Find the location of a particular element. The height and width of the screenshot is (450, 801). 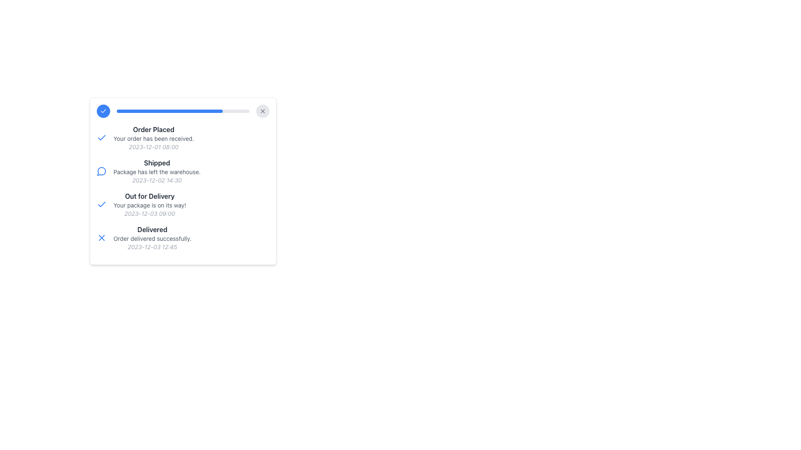

the circular button with a light gray background and 'X' icon located at the top-right corner of the status panel is located at coordinates (262, 110).